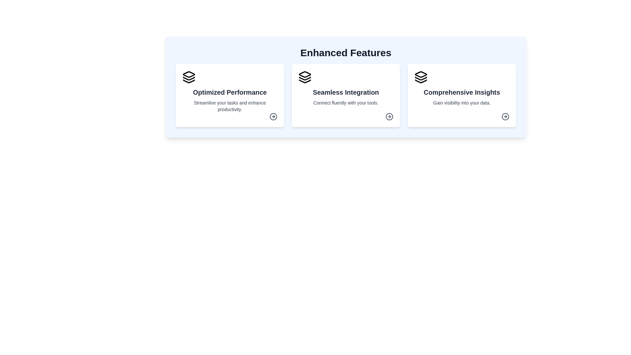  I want to click on the circular icon with a right-pointing arrow, which has a gray outline and is located in the lower-right corner of the 'Comprehensive Insights' card, so click(505, 116).